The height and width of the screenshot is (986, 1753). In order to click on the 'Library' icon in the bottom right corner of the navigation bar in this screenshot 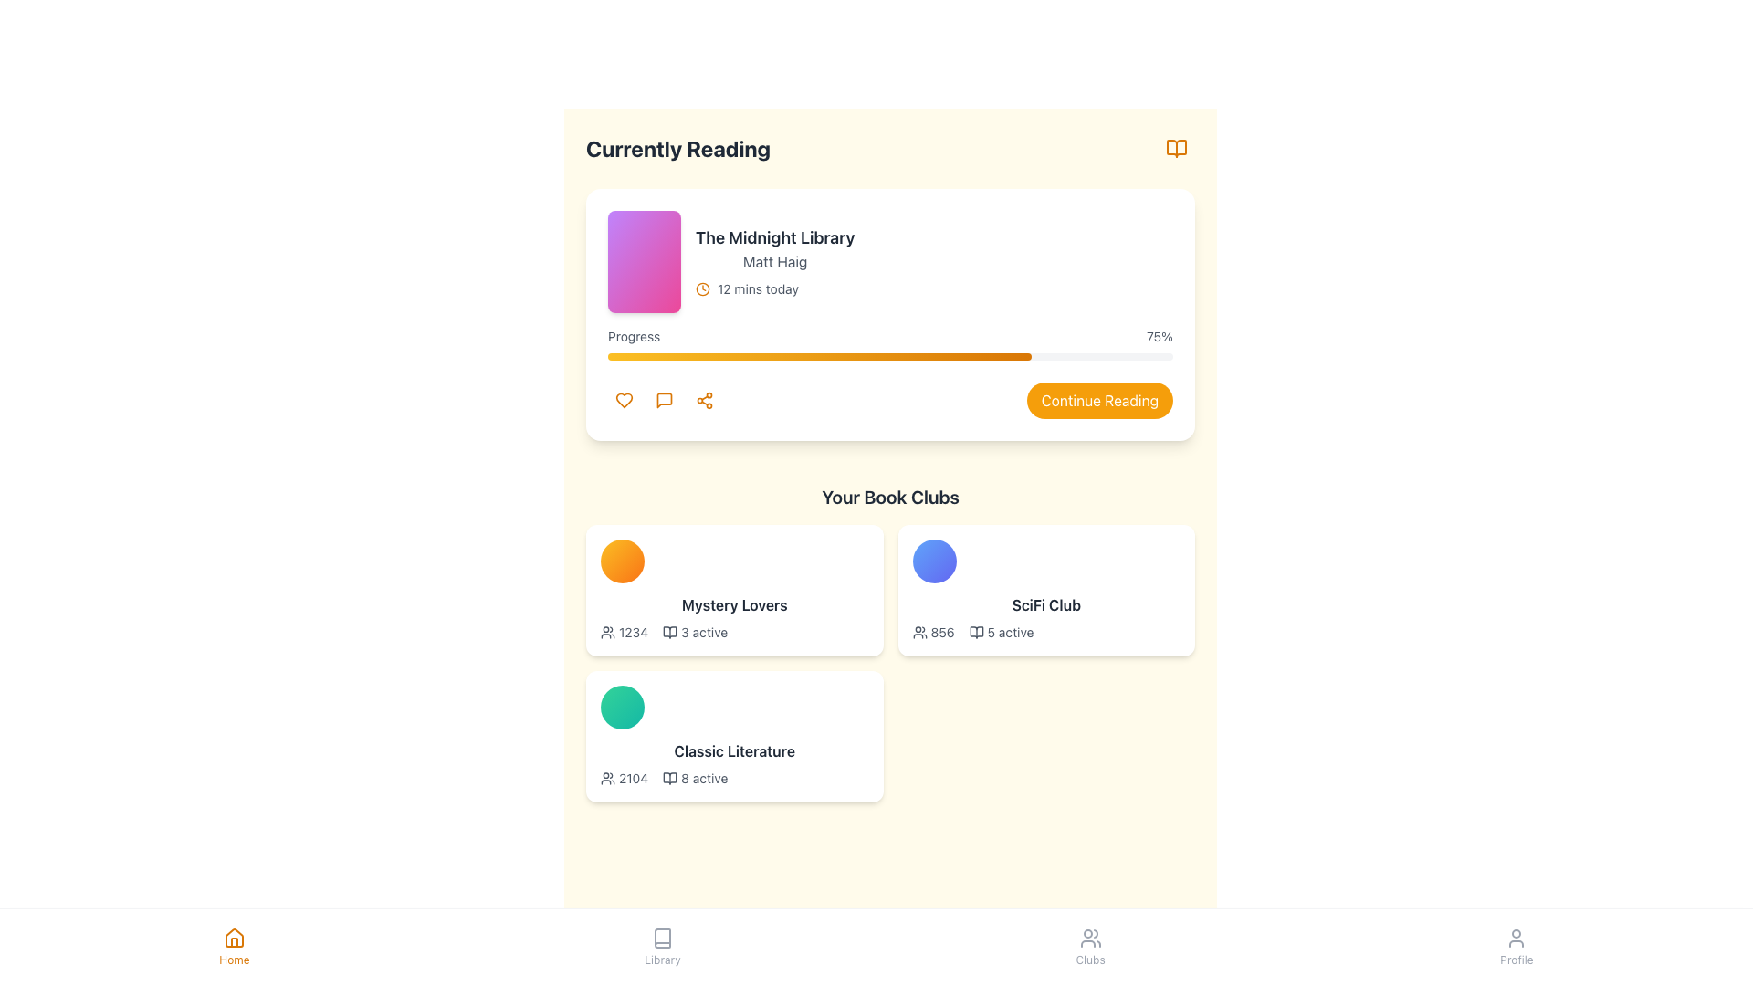, I will do `click(669, 778)`.